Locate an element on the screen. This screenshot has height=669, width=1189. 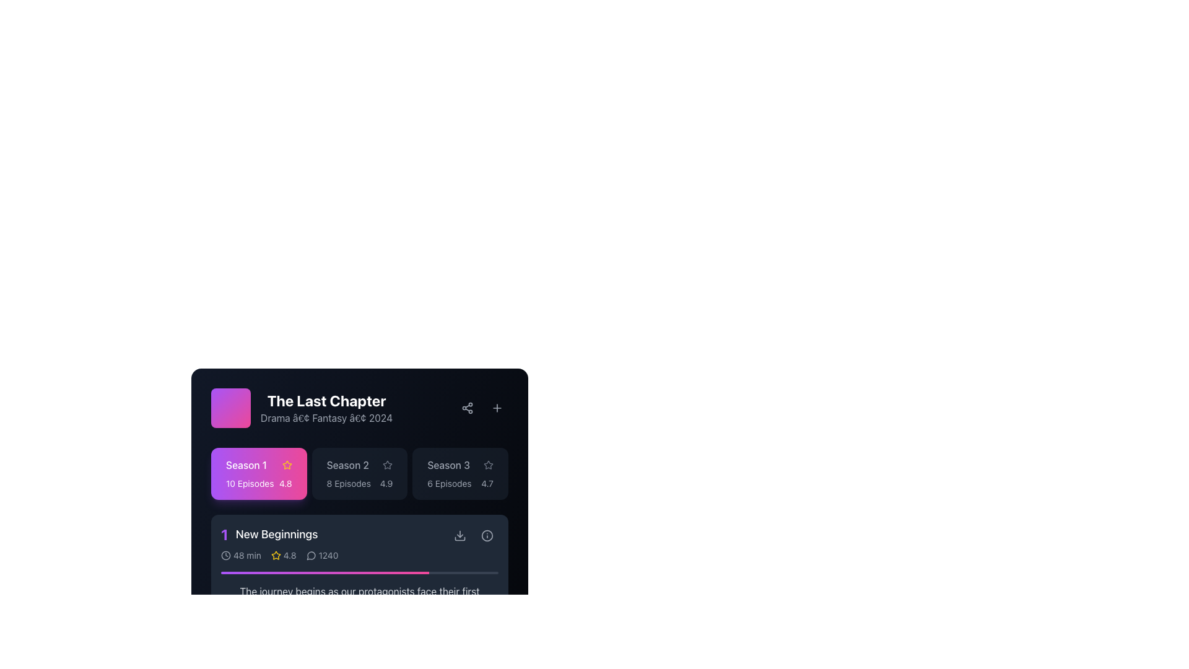
the golden yellow star icon representing the rating for 'Season 1' is located at coordinates (286, 465).